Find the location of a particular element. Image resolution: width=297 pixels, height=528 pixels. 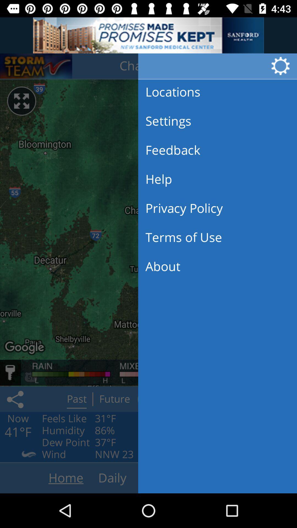

the share icon is located at coordinates (16, 399).